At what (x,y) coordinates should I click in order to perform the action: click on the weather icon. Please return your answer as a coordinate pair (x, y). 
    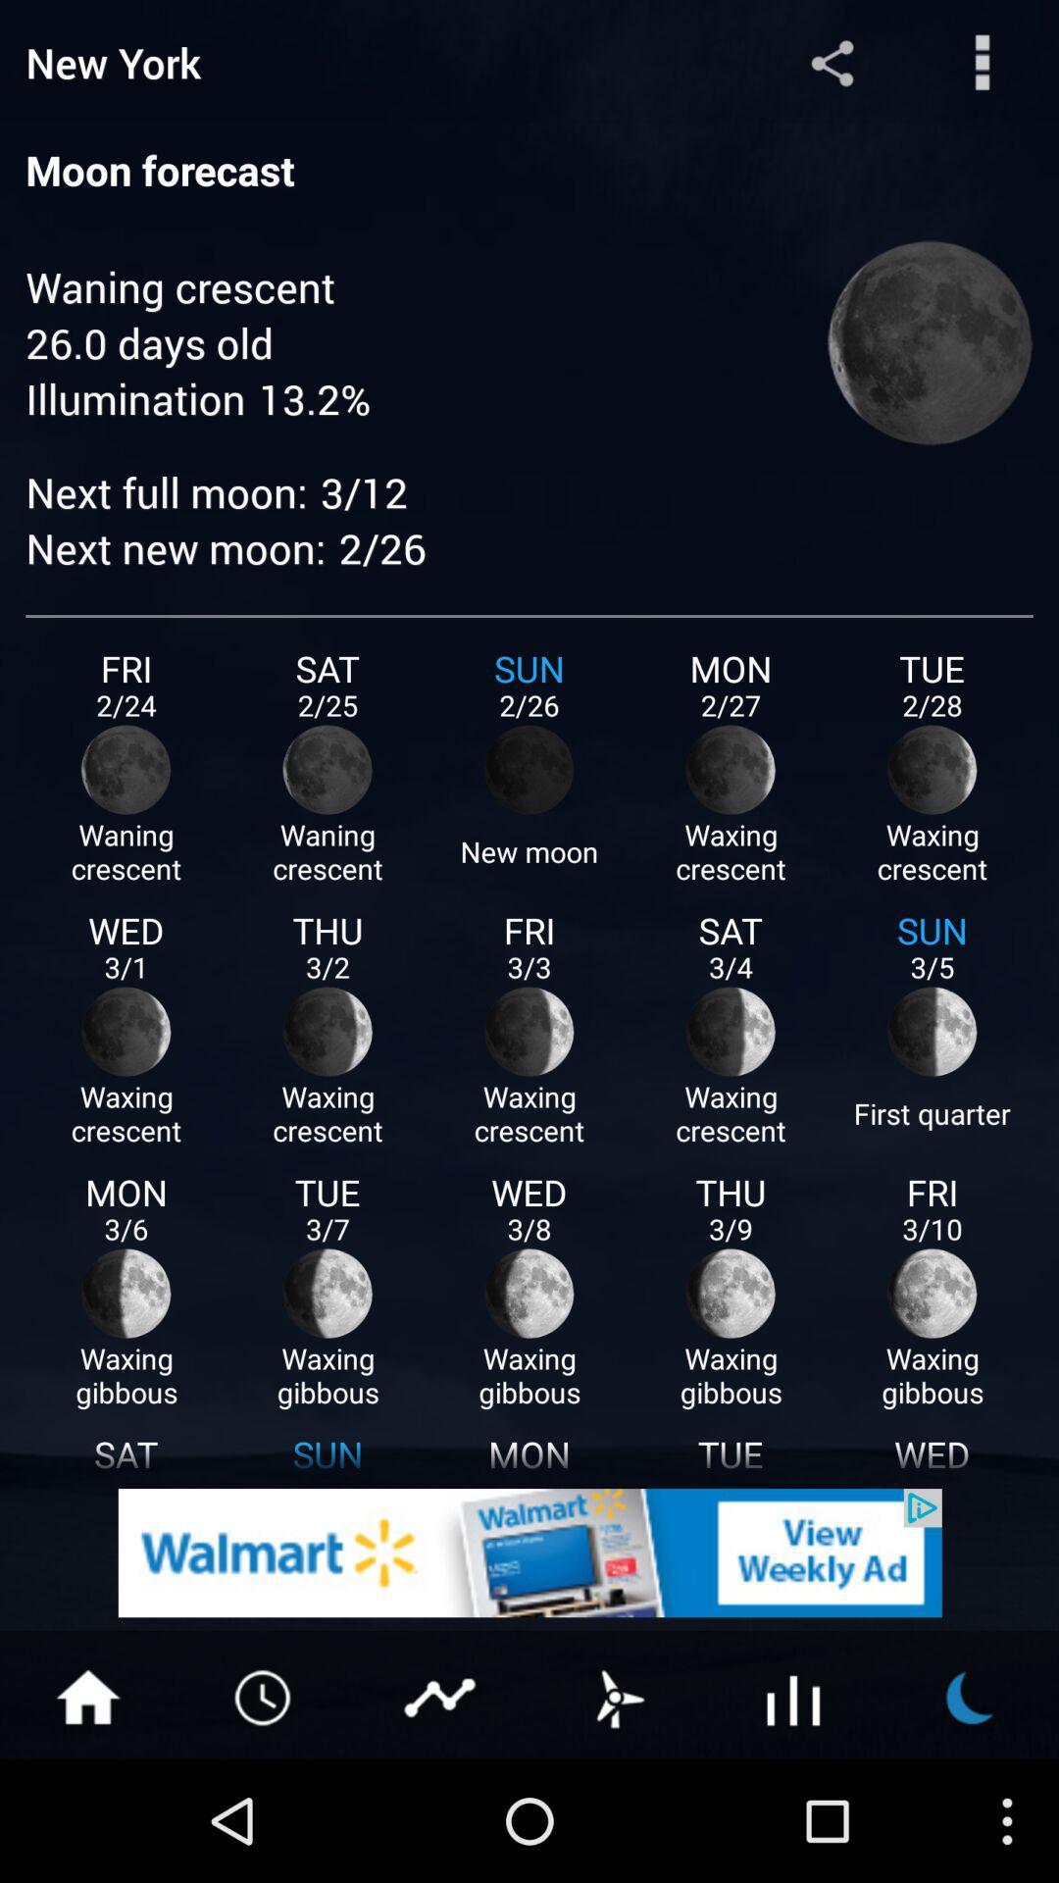
    Looking at the image, I should click on (971, 1813).